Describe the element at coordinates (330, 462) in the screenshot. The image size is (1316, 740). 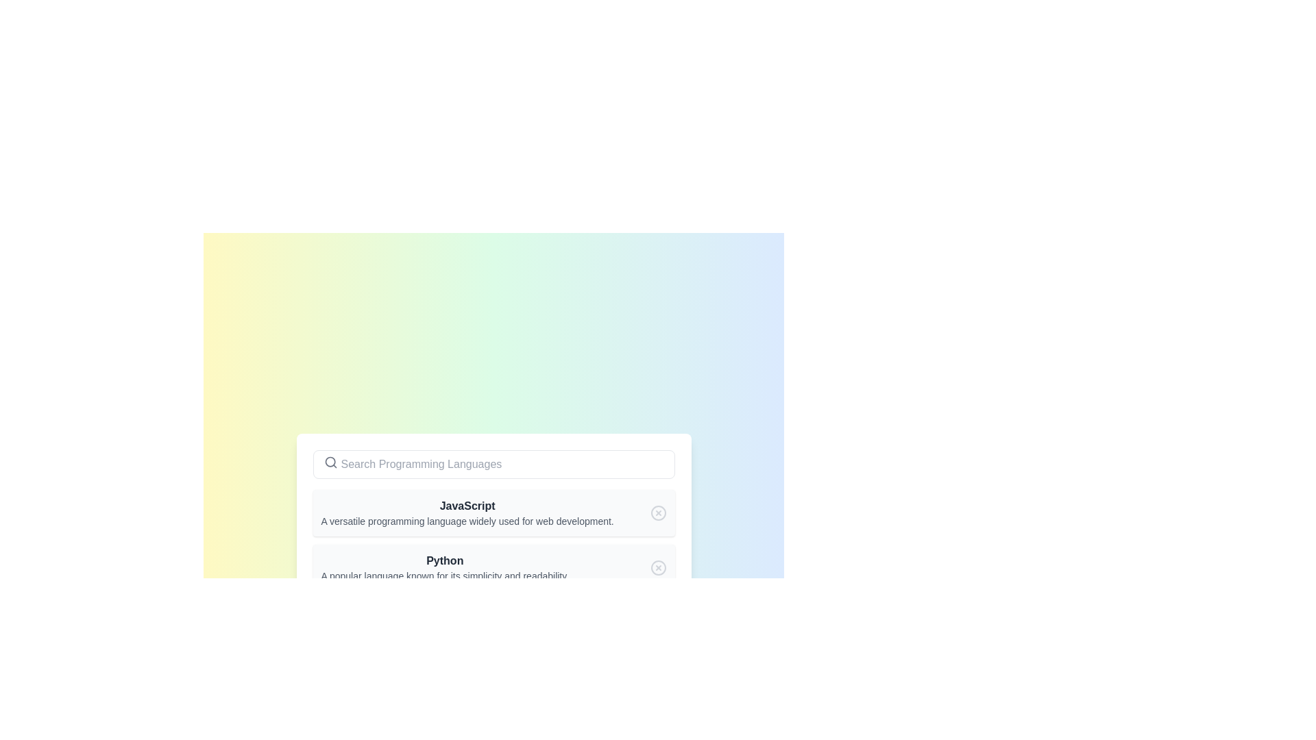
I see `the position of the SVG Circle that visually represents a magnifying glass within the search bar area` at that location.